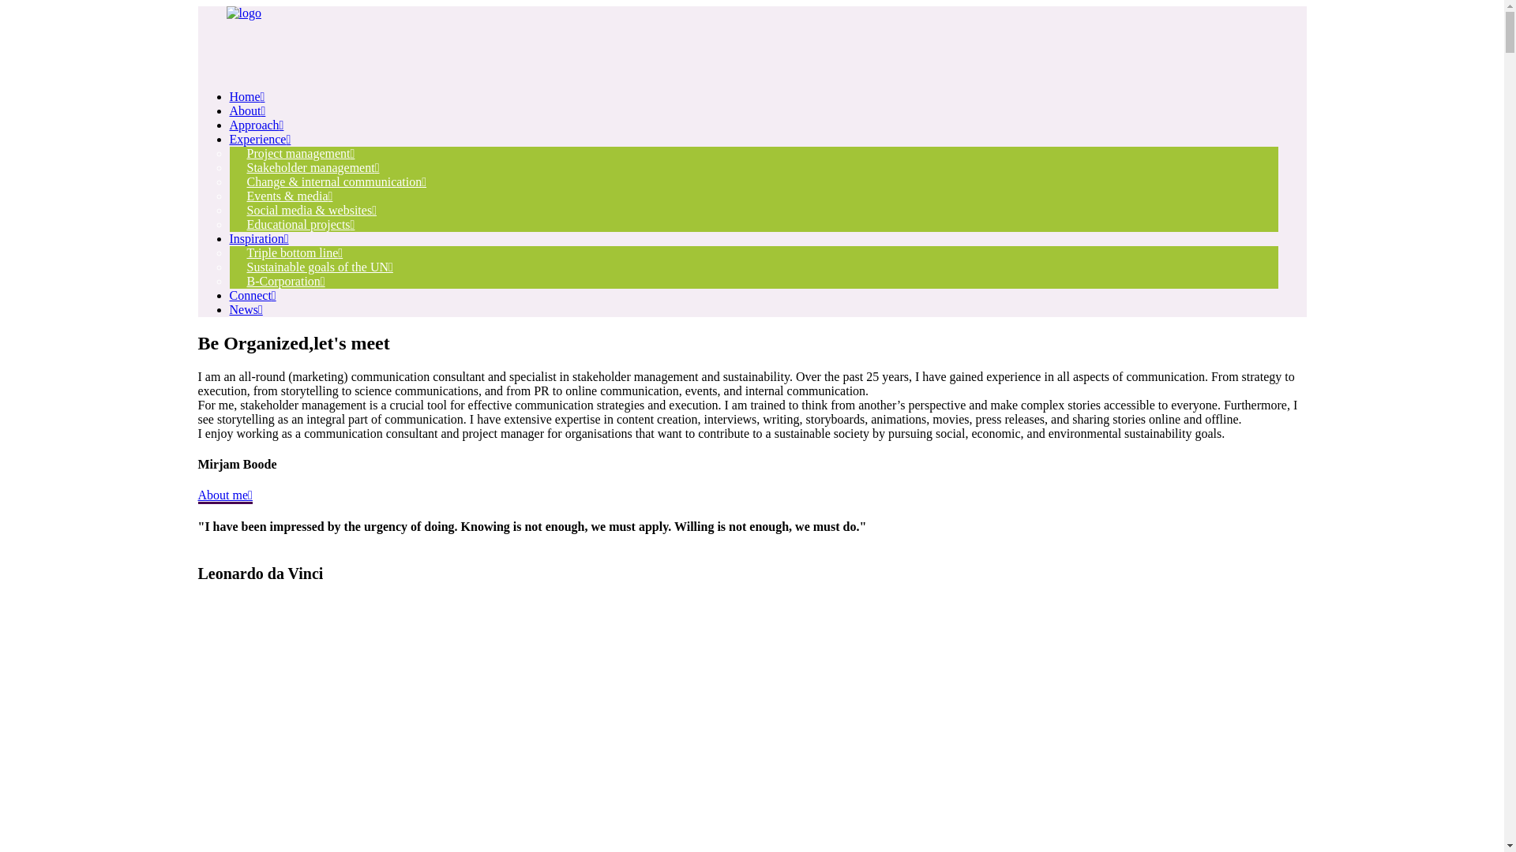 This screenshot has width=1516, height=852. What do you see at coordinates (295, 252) in the screenshot?
I see `'Triple bottom line'` at bounding box center [295, 252].